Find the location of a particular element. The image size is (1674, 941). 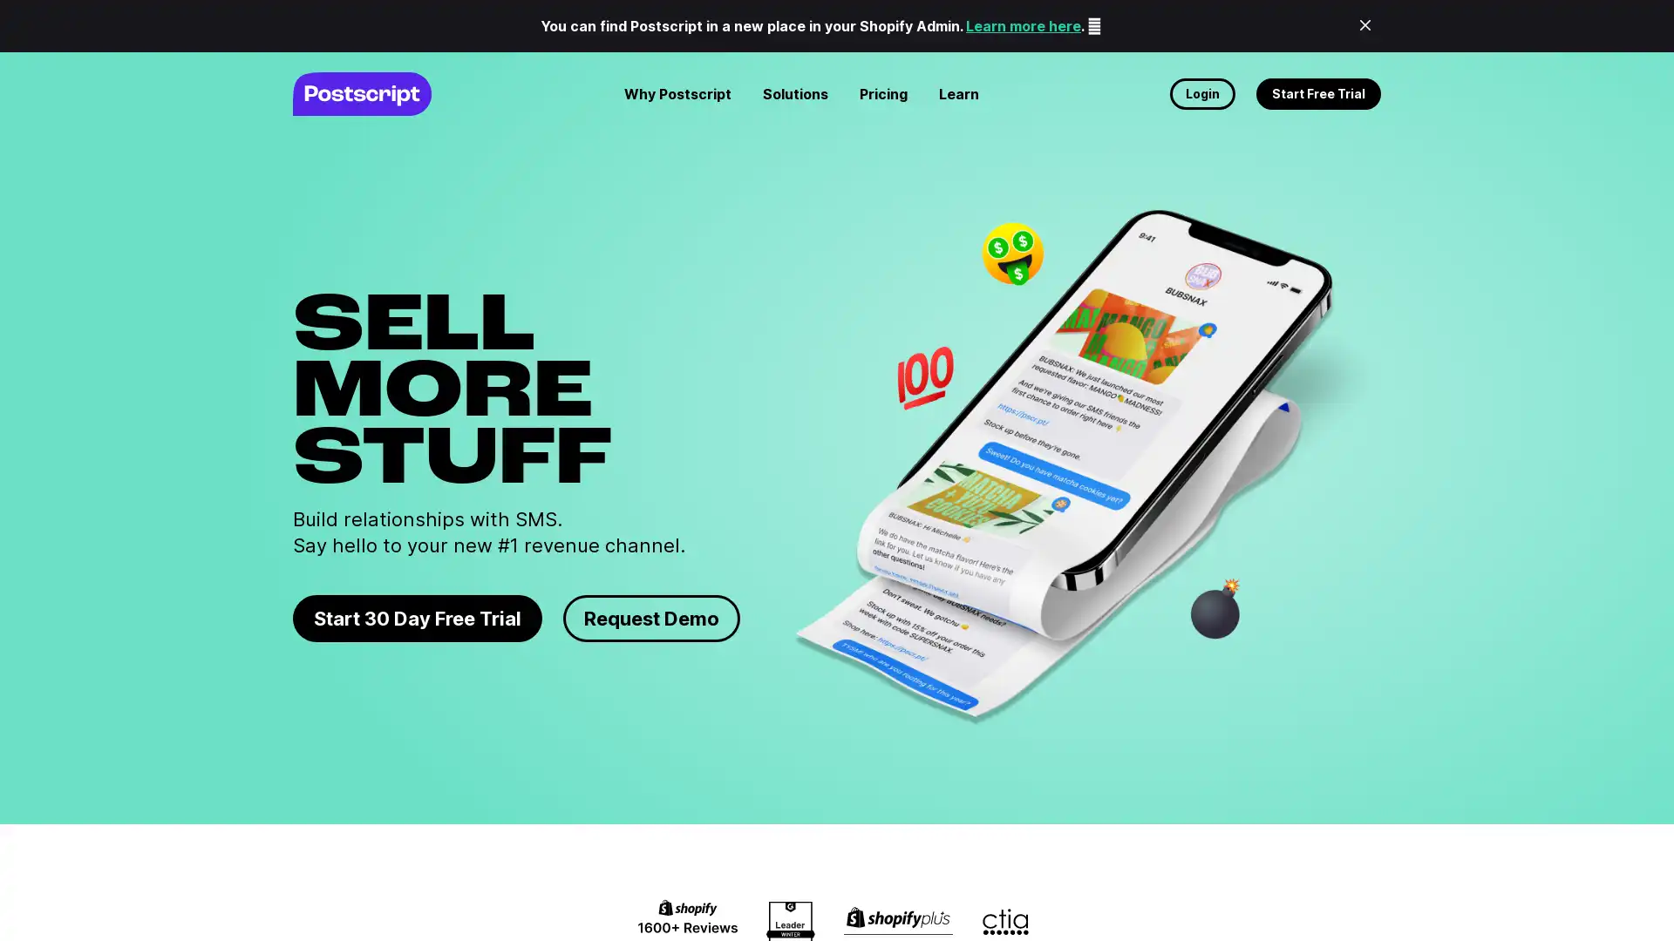

Request Demo is located at coordinates (650, 617).